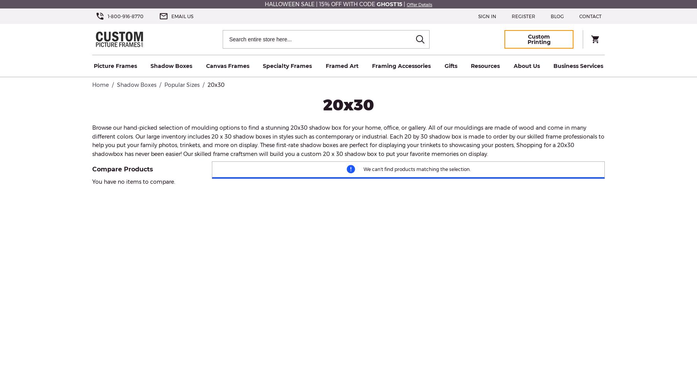 This screenshot has height=386, width=697. Describe the element at coordinates (526, 66) in the screenshot. I see `'About Us'` at that location.